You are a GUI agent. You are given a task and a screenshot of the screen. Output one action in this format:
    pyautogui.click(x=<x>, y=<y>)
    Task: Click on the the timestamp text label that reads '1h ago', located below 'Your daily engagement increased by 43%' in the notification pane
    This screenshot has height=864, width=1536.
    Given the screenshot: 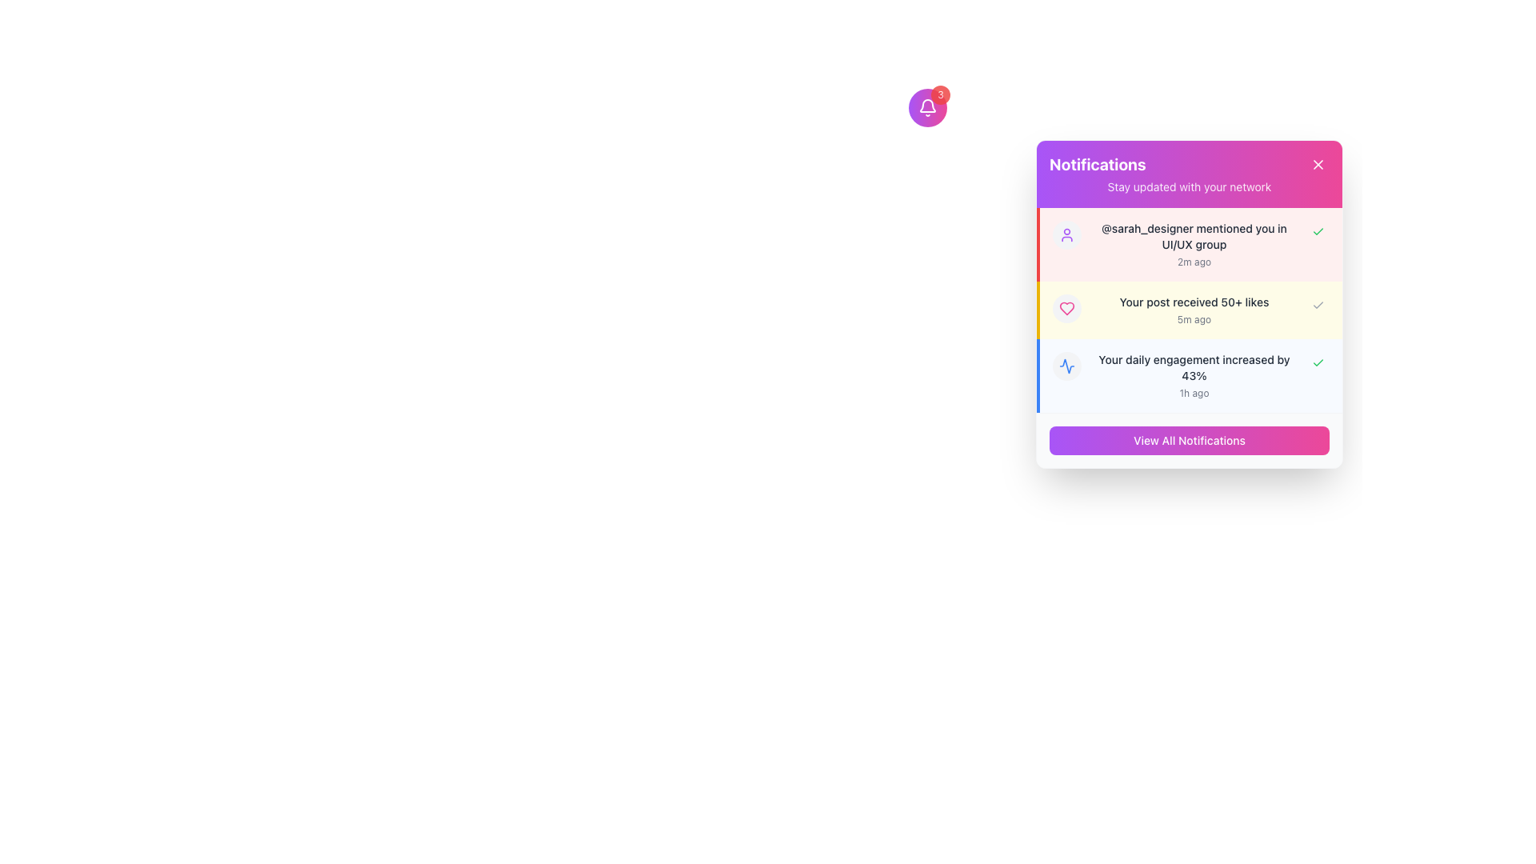 What is the action you would take?
    pyautogui.click(x=1194, y=394)
    